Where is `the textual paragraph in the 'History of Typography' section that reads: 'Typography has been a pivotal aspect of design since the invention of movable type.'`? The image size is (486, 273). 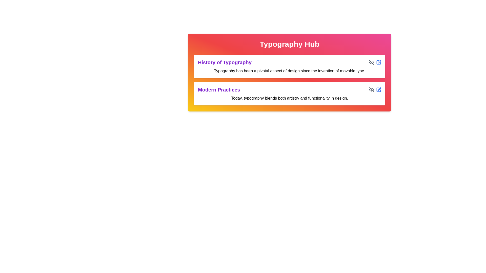
the textual paragraph in the 'History of Typography' section that reads: 'Typography has been a pivotal aspect of design since the invention of movable type.' is located at coordinates (289, 71).